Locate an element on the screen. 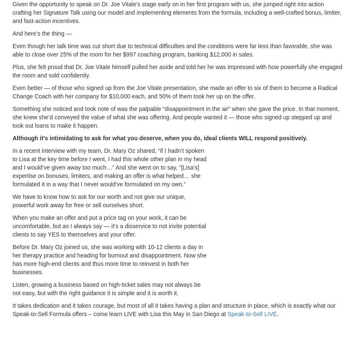  'Even better — of those who signed up from the Joe Vitale presentation, she made an offer to six of them to become a Radical Change Coach with her company for $10,000 each, and 50% of them took her up on the offer.' is located at coordinates (175, 92).